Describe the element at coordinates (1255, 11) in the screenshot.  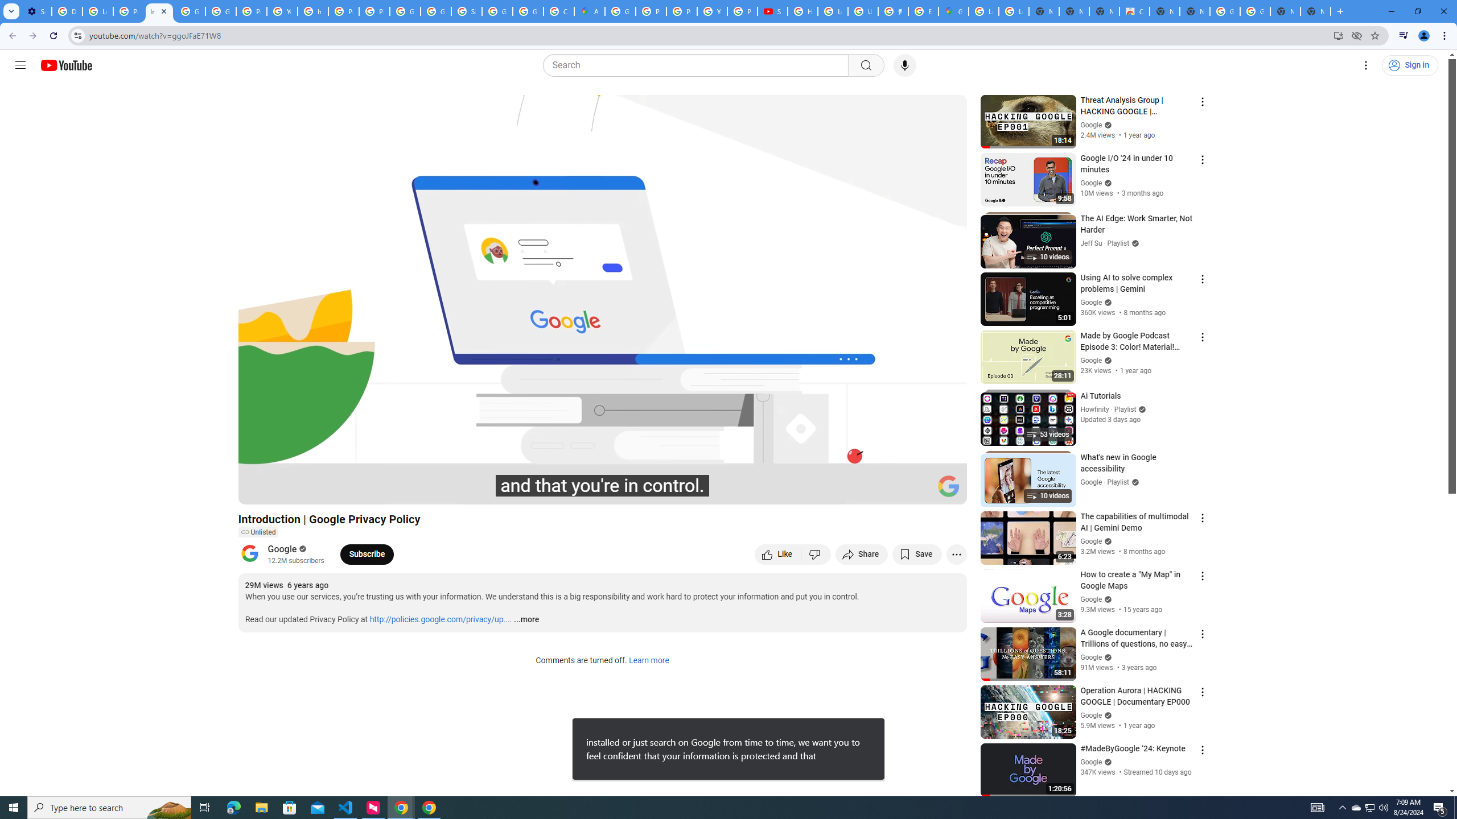
I see `'Google Images'` at that location.